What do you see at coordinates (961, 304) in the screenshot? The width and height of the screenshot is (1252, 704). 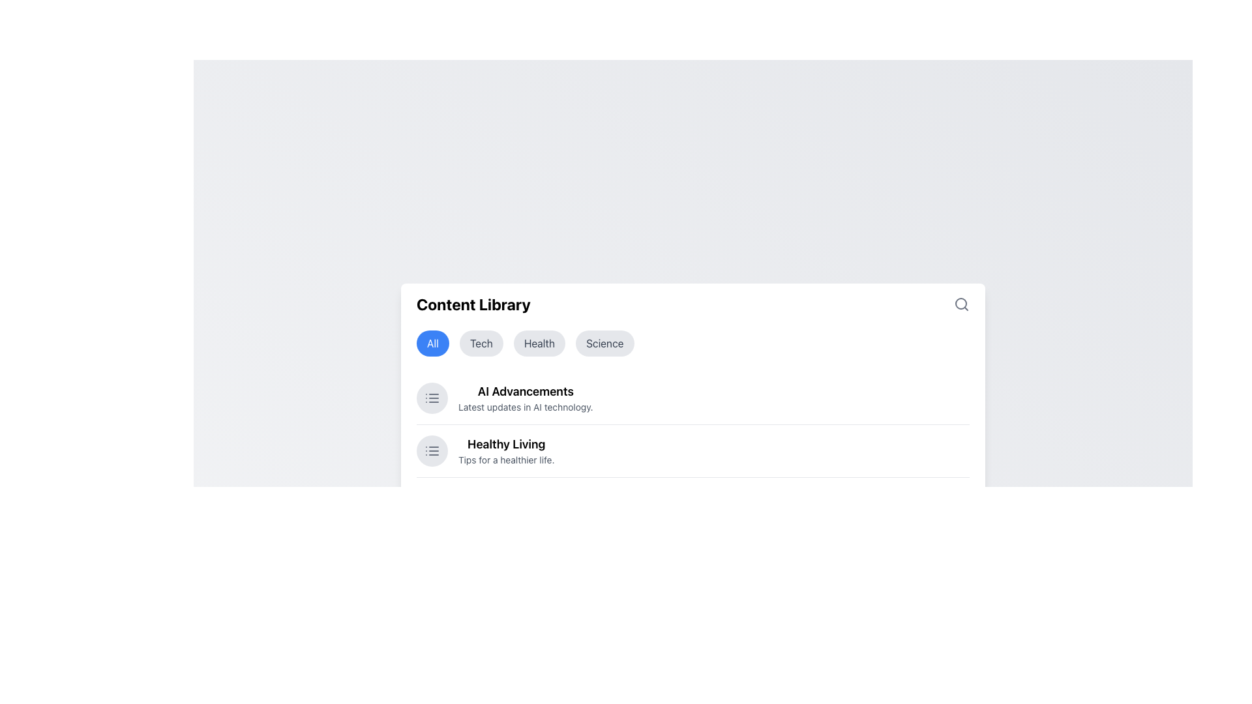 I see `the magnifying glass icon located in the top-right corner of the 'Content Library' section to initiate a search` at bounding box center [961, 304].